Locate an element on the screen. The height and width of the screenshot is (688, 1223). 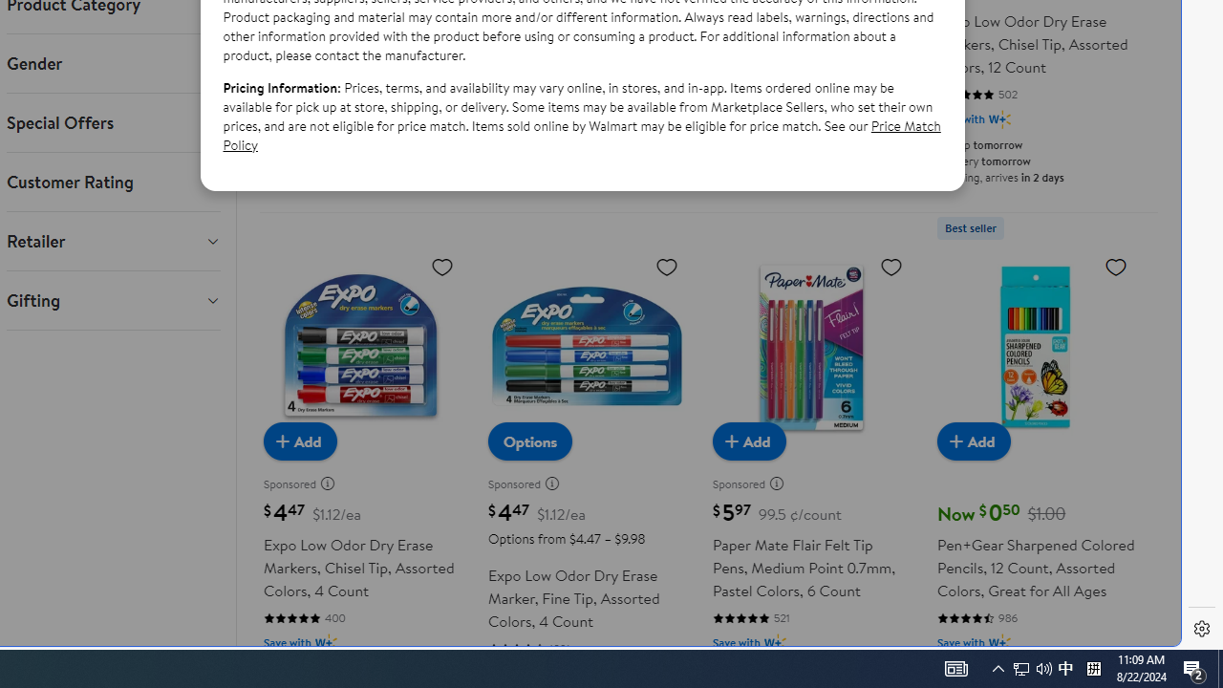
'Price Match Policy' is located at coordinates (581, 134).